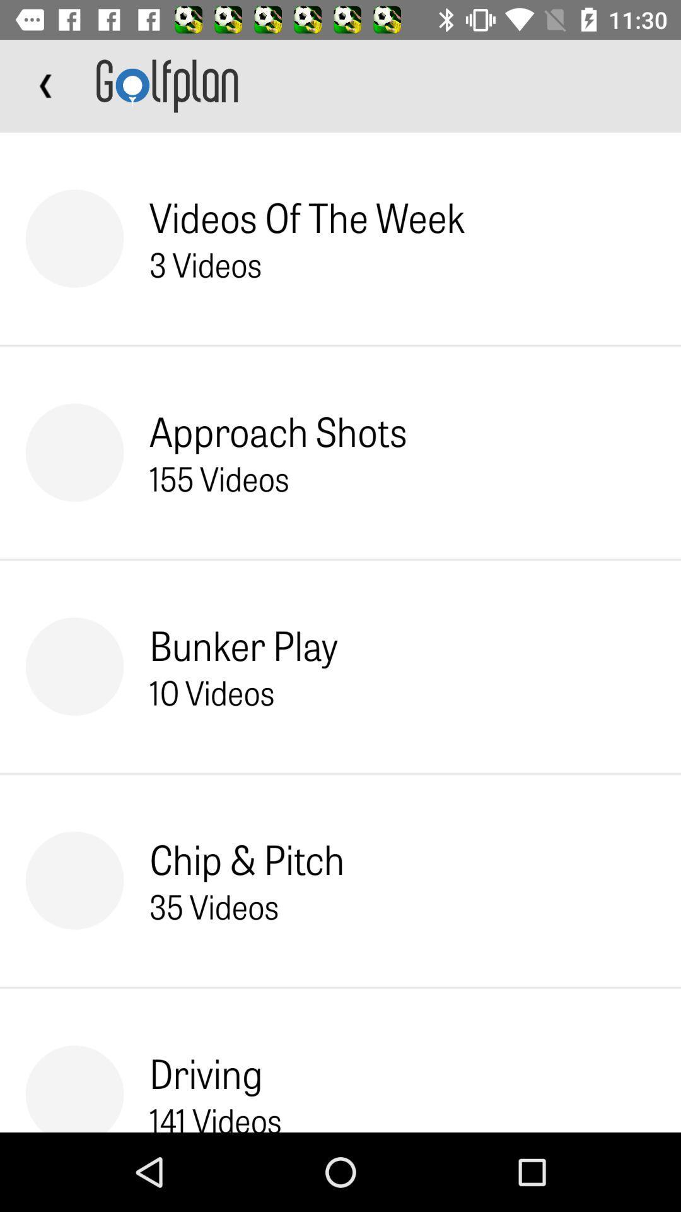 Image resolution: width=681 pixels, height=1212 pixels. Describe the element at coordinates (206, 1072) in the screenshot. I see `the driving` at that location.